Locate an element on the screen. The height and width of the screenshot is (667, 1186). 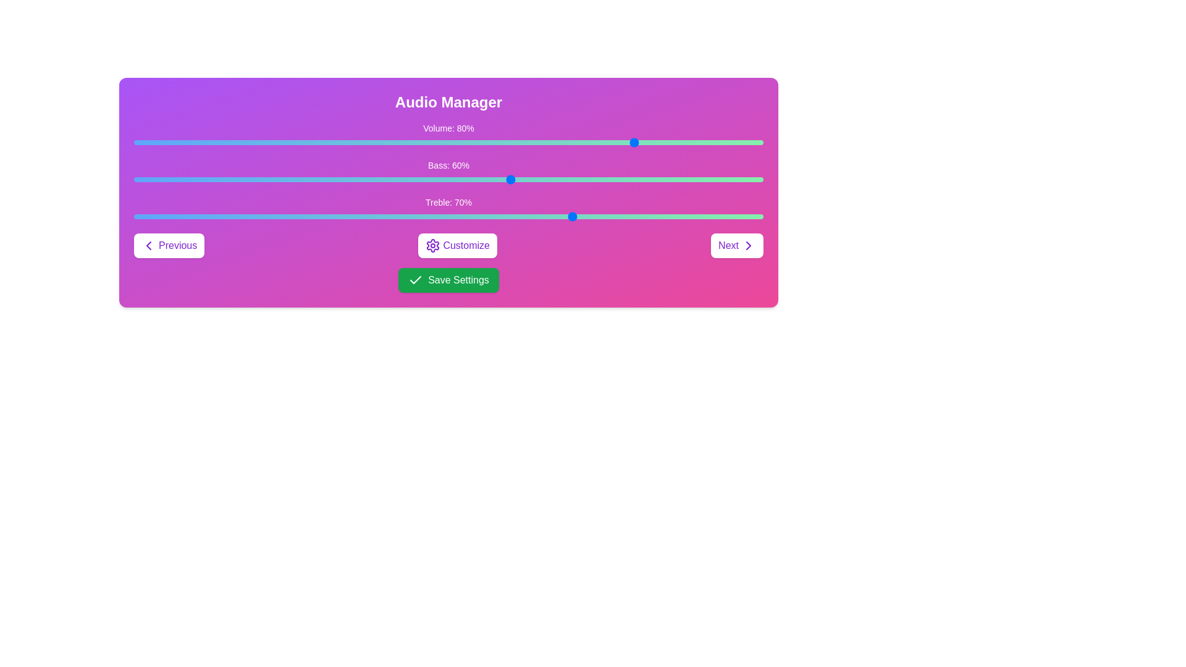
the 'Save' button in the audio management application is located at coordinates (448, 280).